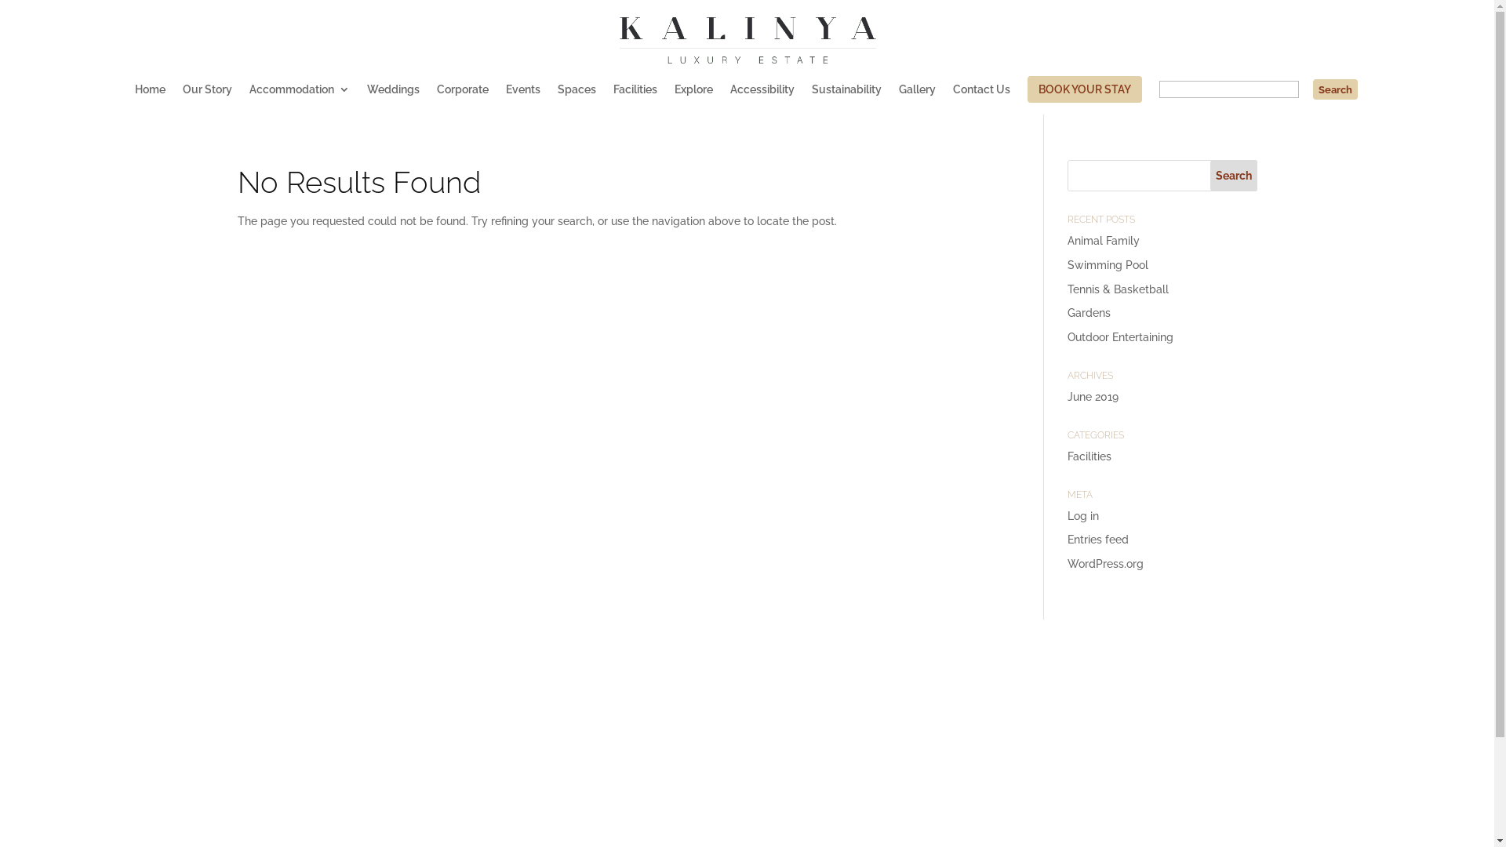  Describe the element at coordinates (917, 96) in the screenshot. I see `'Gallery'` at that location.